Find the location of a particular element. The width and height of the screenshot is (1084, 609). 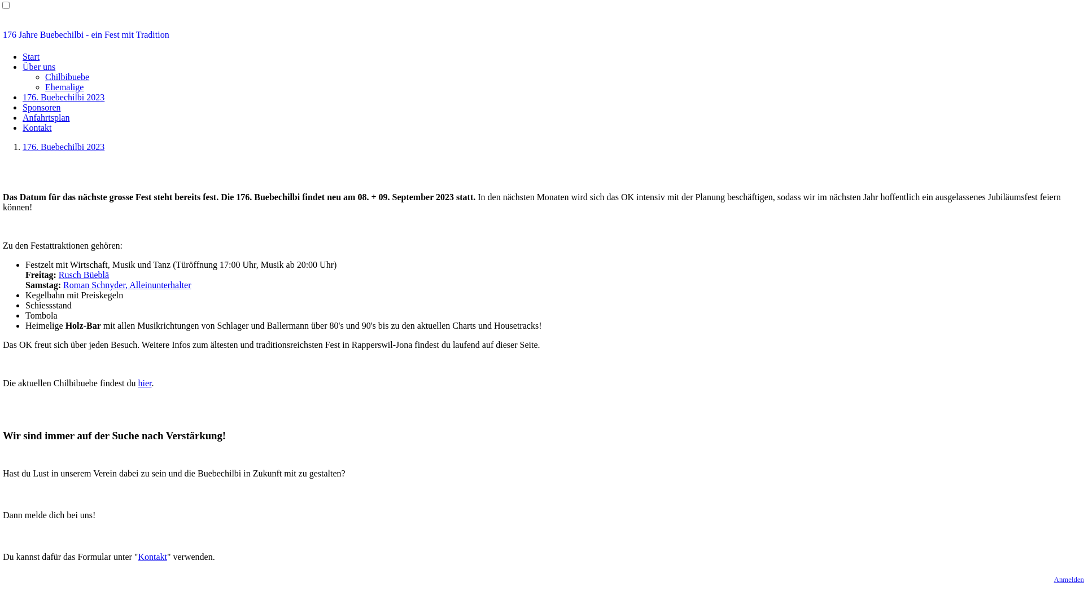

'Chilbibuebe' is located at coordinates (67, 76).